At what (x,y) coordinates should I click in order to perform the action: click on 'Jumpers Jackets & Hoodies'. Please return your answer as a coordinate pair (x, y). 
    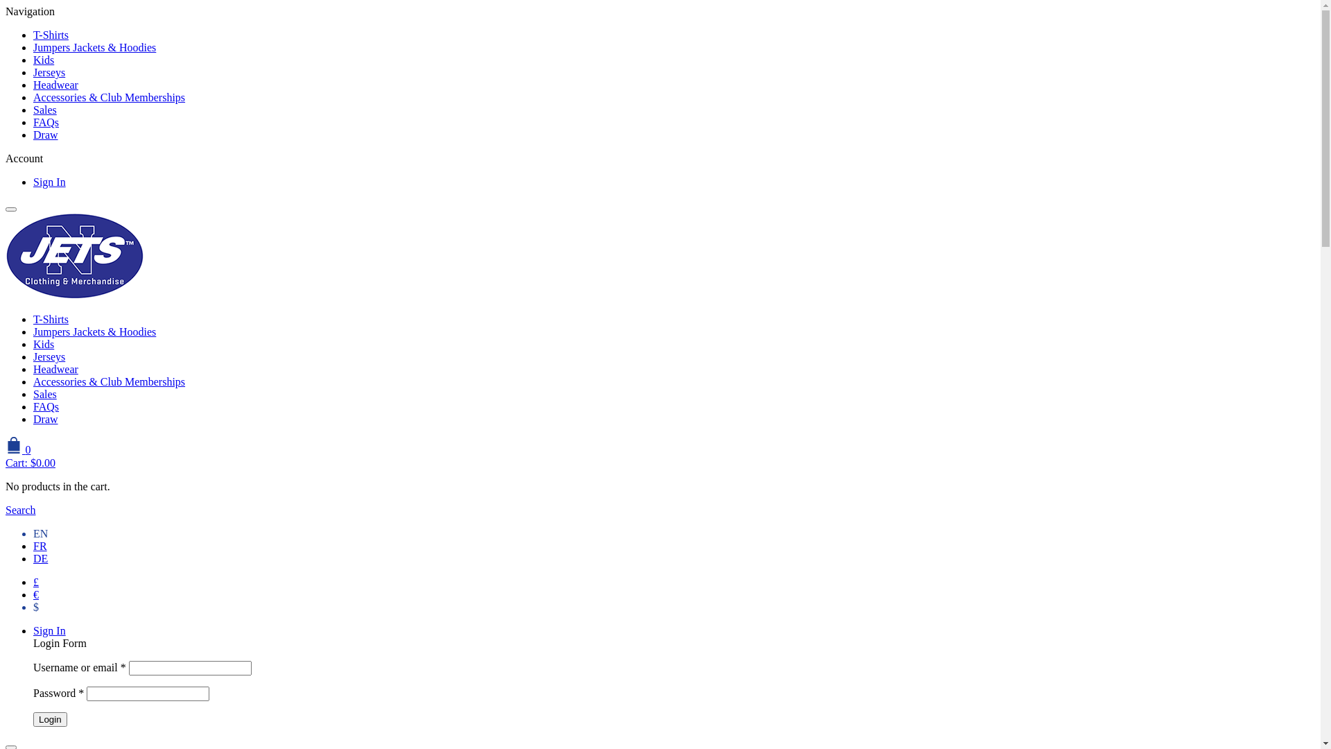
    Looking at the image, I should click on (33, 46).